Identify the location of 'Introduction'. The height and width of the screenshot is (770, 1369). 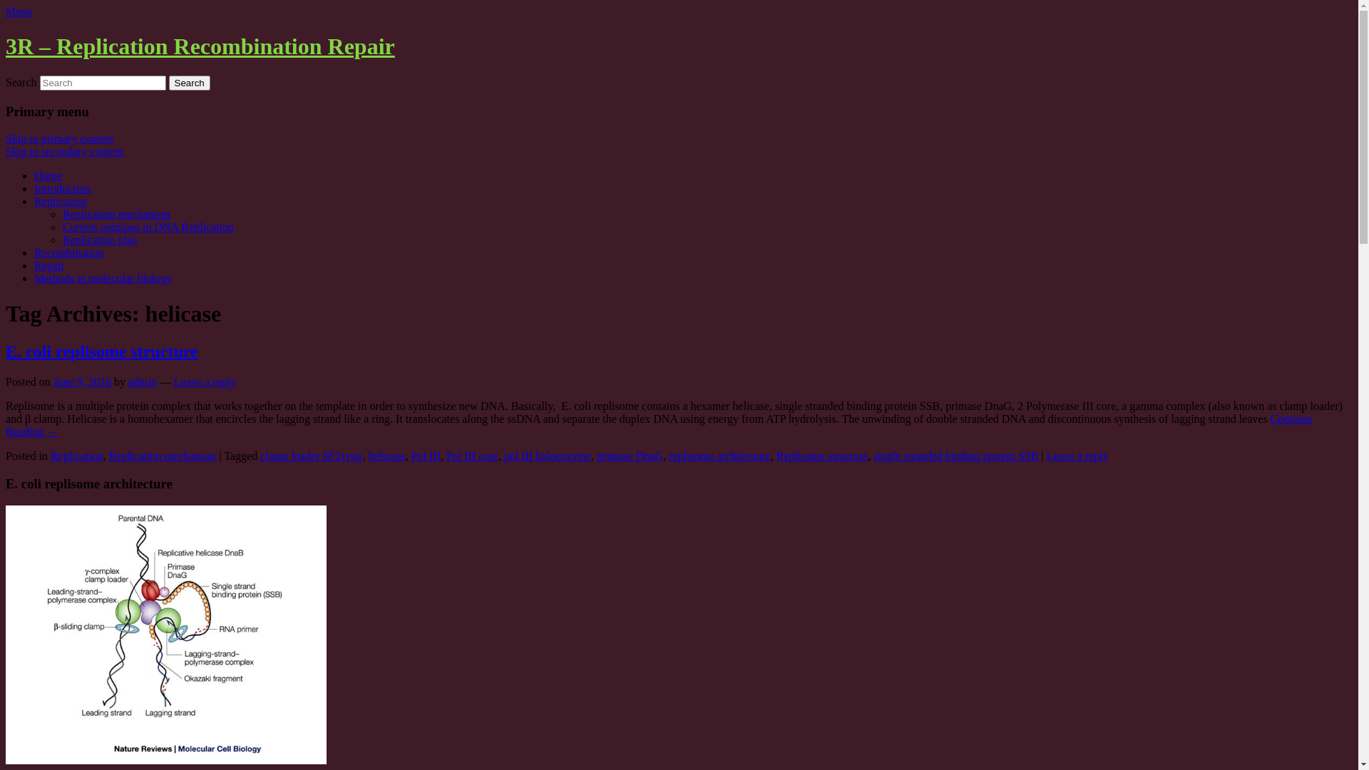
(61, 188).